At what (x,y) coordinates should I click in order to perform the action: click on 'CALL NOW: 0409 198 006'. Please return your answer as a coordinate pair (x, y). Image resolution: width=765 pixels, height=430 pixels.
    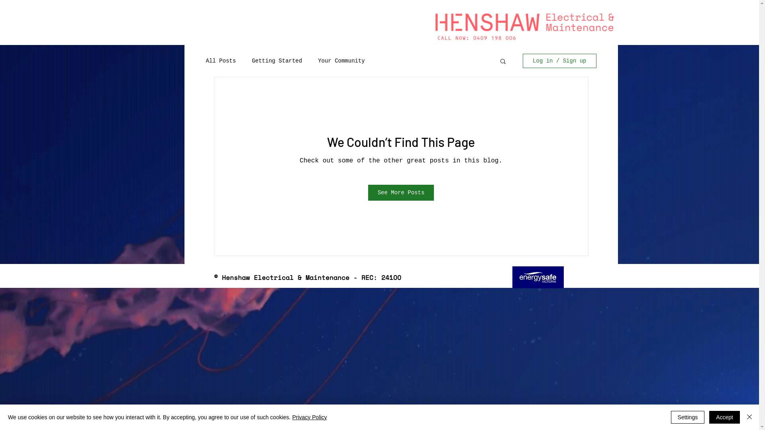
    Looking at the image, I should click on (476, 38).